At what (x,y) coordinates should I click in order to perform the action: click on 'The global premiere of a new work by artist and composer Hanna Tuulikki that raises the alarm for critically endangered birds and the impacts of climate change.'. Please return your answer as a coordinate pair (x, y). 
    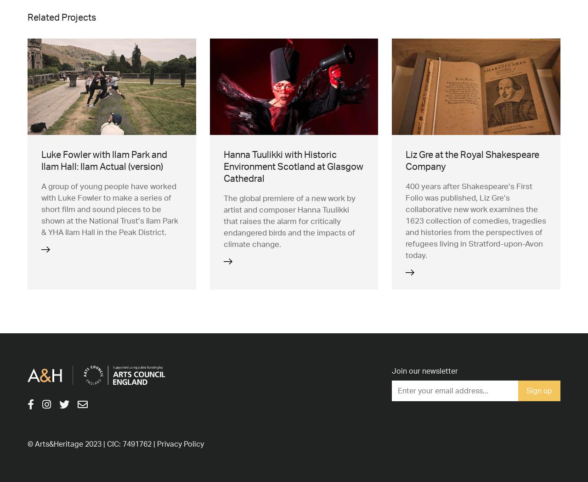
    Looking at the image, I should click on (288, 220).